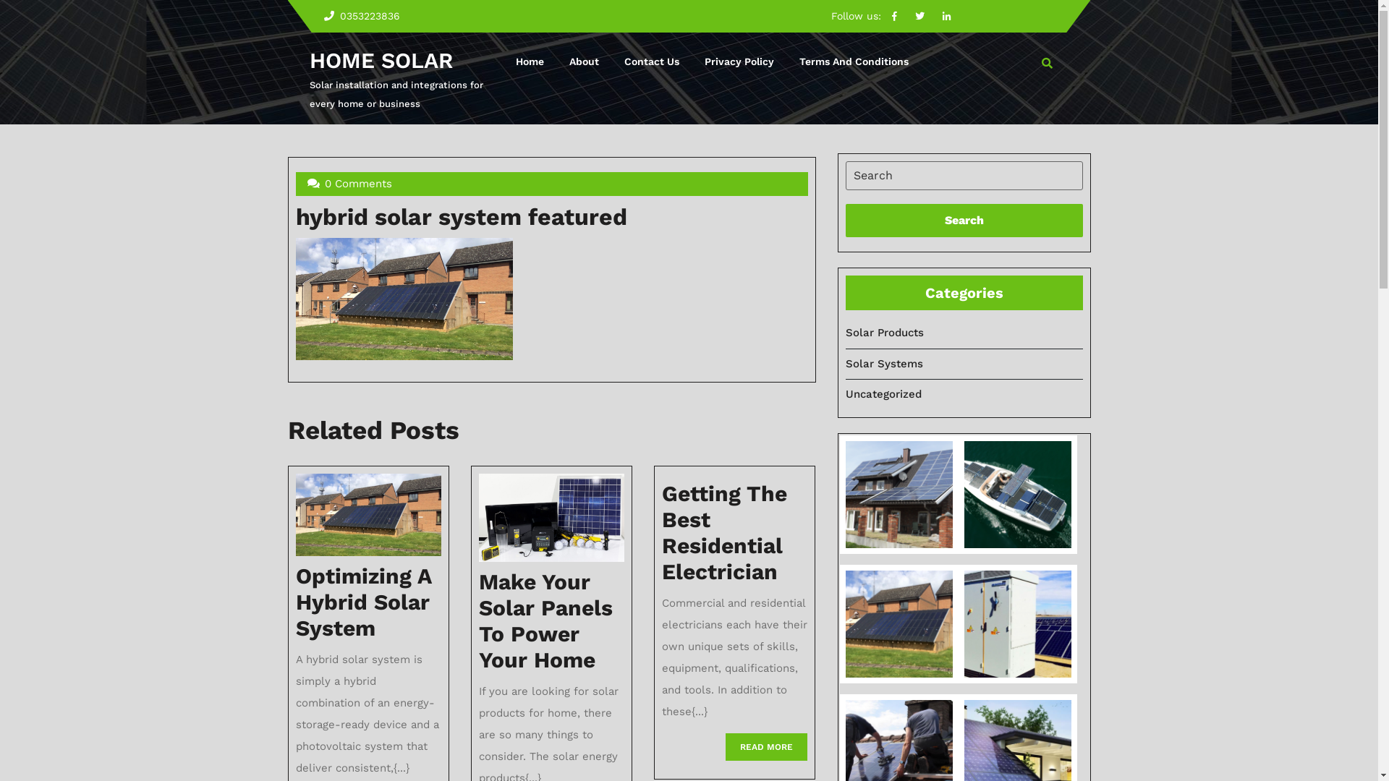 The image size is (1389, 781). I want to click on 'READ MORE, so click(726, 747).